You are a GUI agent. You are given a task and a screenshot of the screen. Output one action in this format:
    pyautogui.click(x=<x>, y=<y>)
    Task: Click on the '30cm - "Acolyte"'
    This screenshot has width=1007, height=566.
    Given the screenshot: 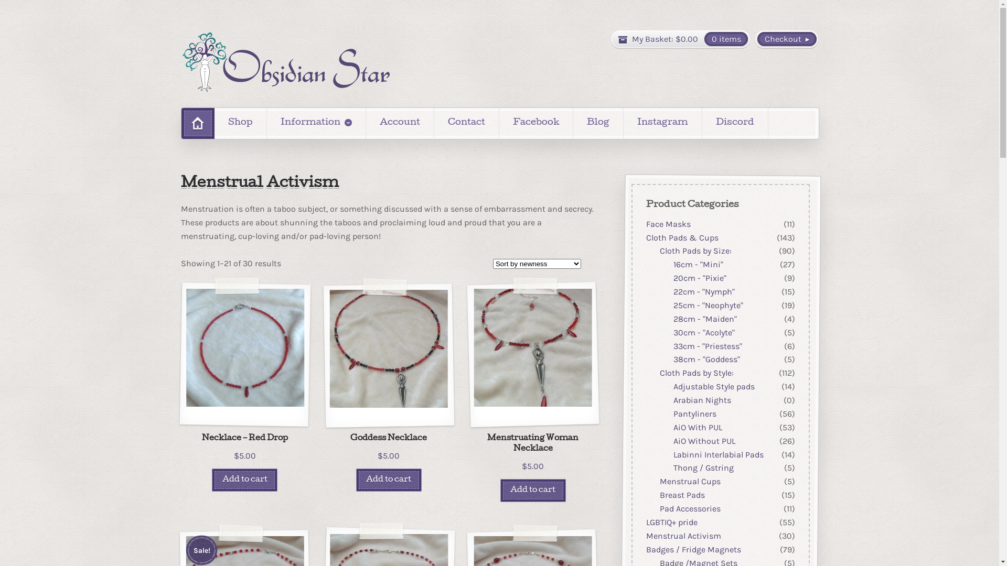 What is the action you would take?
    pyautogui.click(x=703, y=332)
    